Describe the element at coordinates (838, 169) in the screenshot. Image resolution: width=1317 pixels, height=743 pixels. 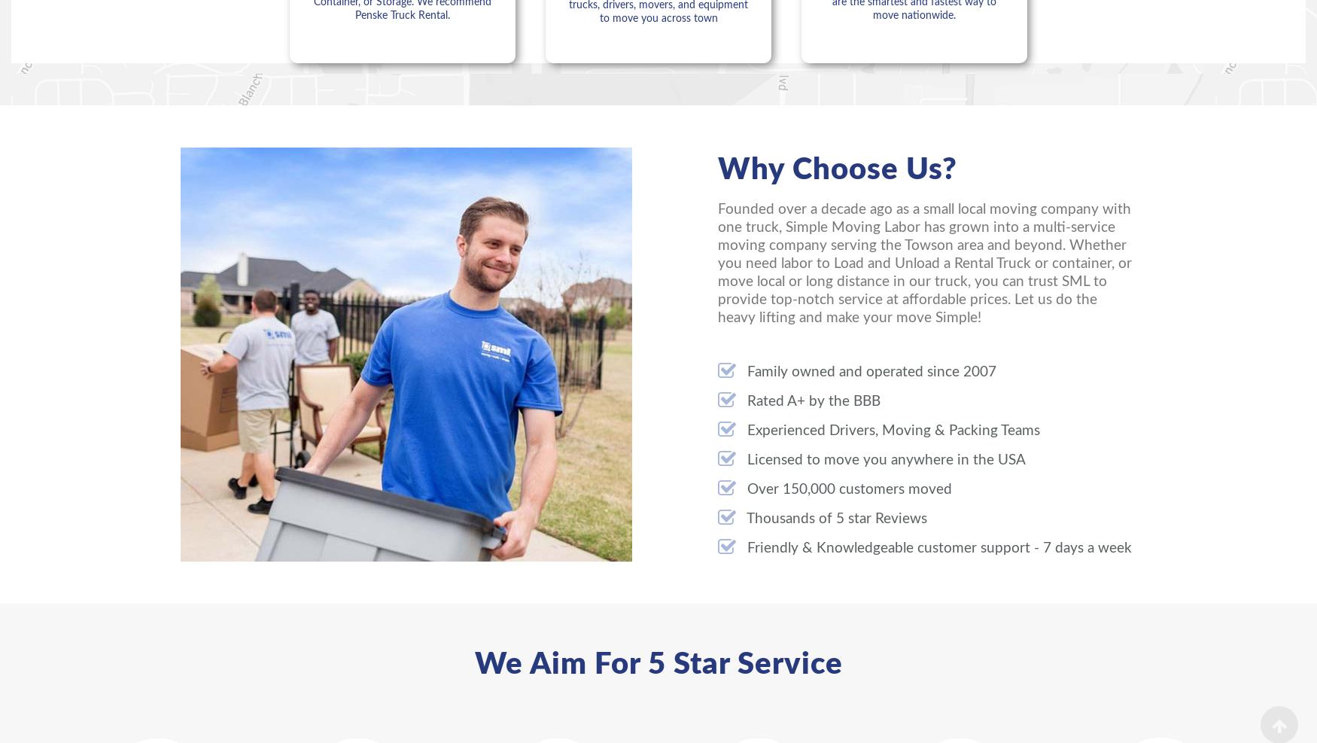
I see `'Why Choose Us?'` at that location.